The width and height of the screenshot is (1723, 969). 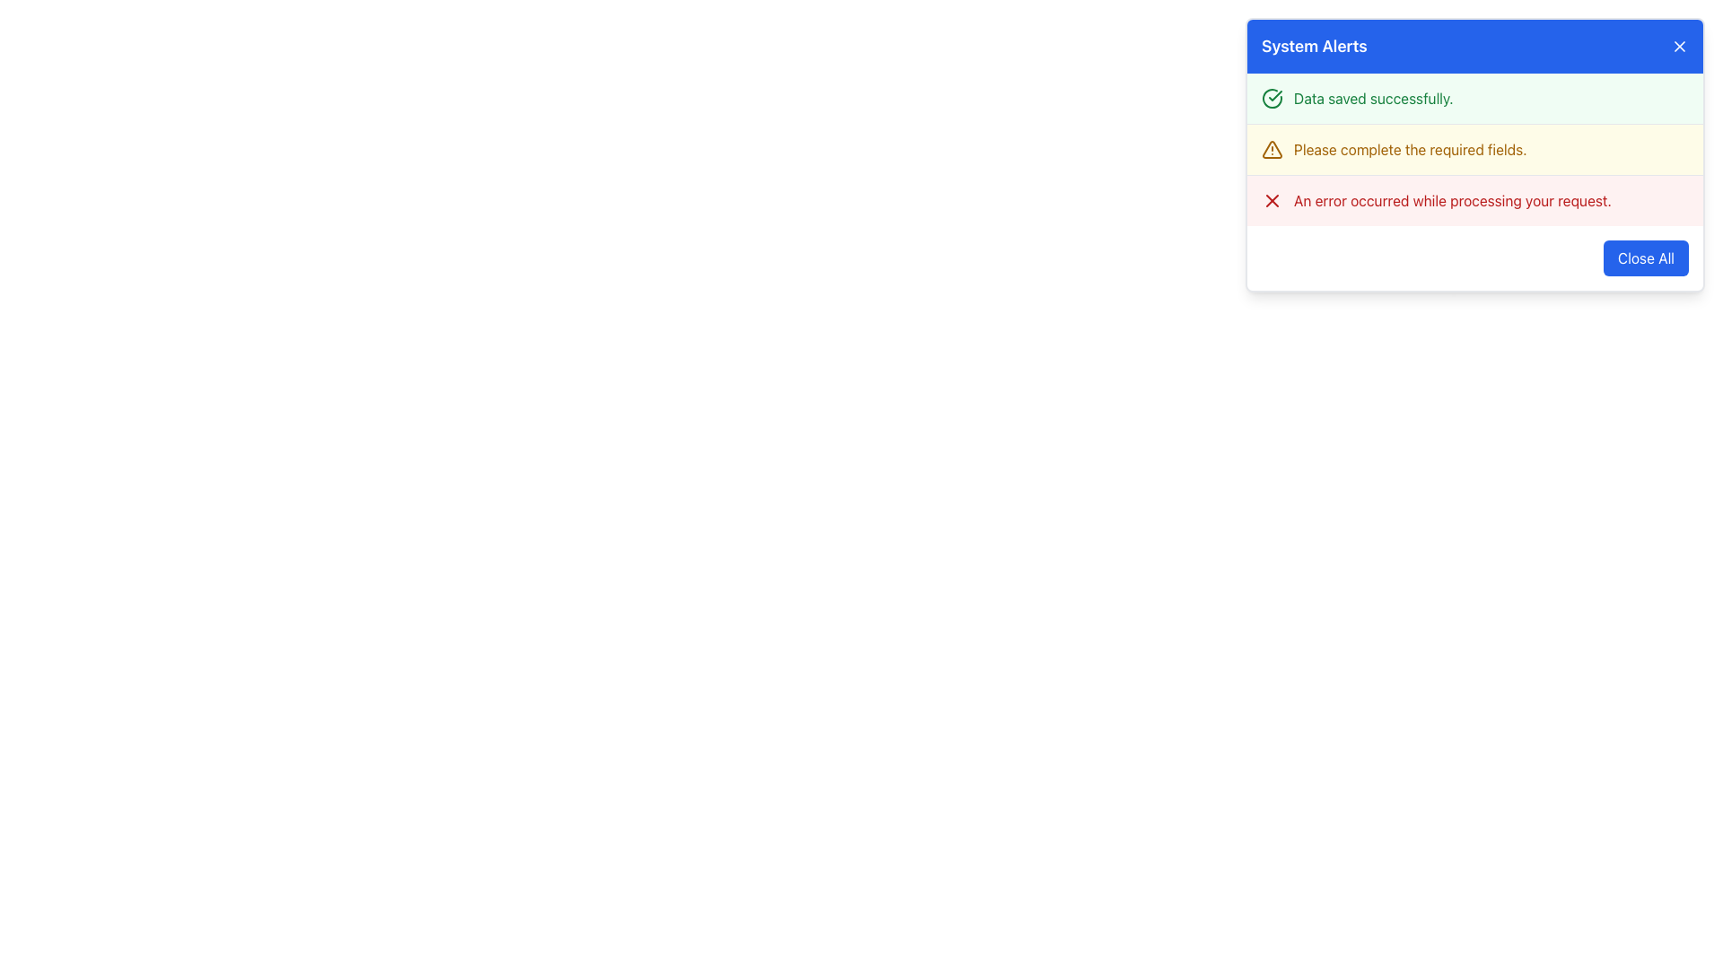 What do you see at coordinates (1474, 148) in the screenshot?
I see `the Notification Bar that informs users about incomplete mandatory fields, located in the middle of the 'System Alerts' notification panel` at bounding box center [1474, 148].